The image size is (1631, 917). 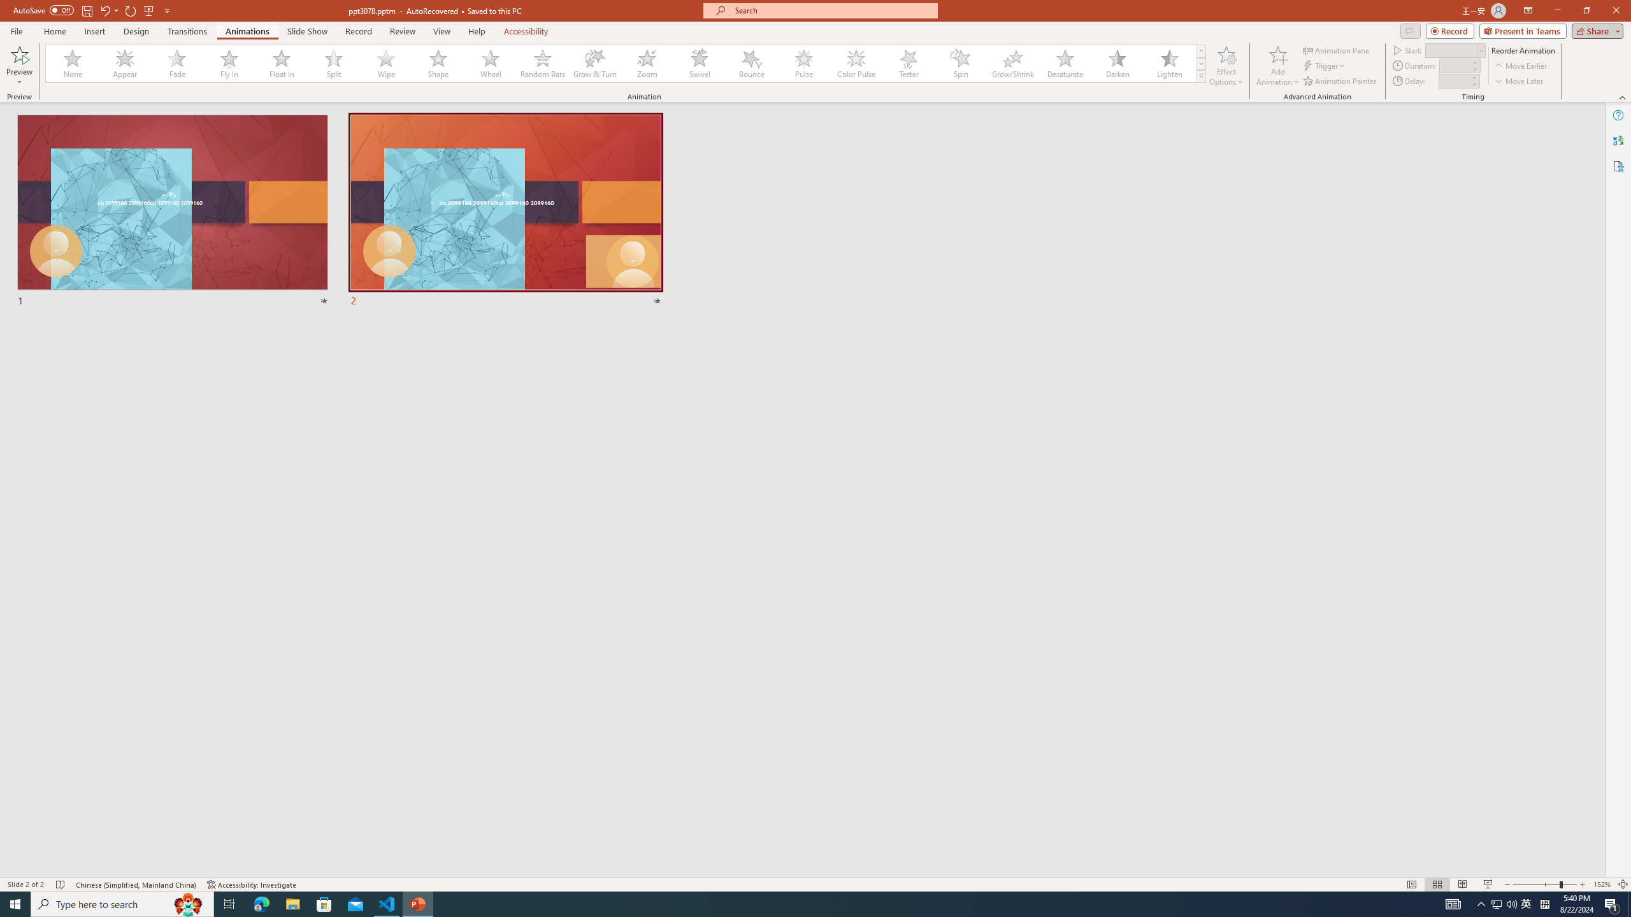 I want to click on 'None', so click(x=73, y=63).